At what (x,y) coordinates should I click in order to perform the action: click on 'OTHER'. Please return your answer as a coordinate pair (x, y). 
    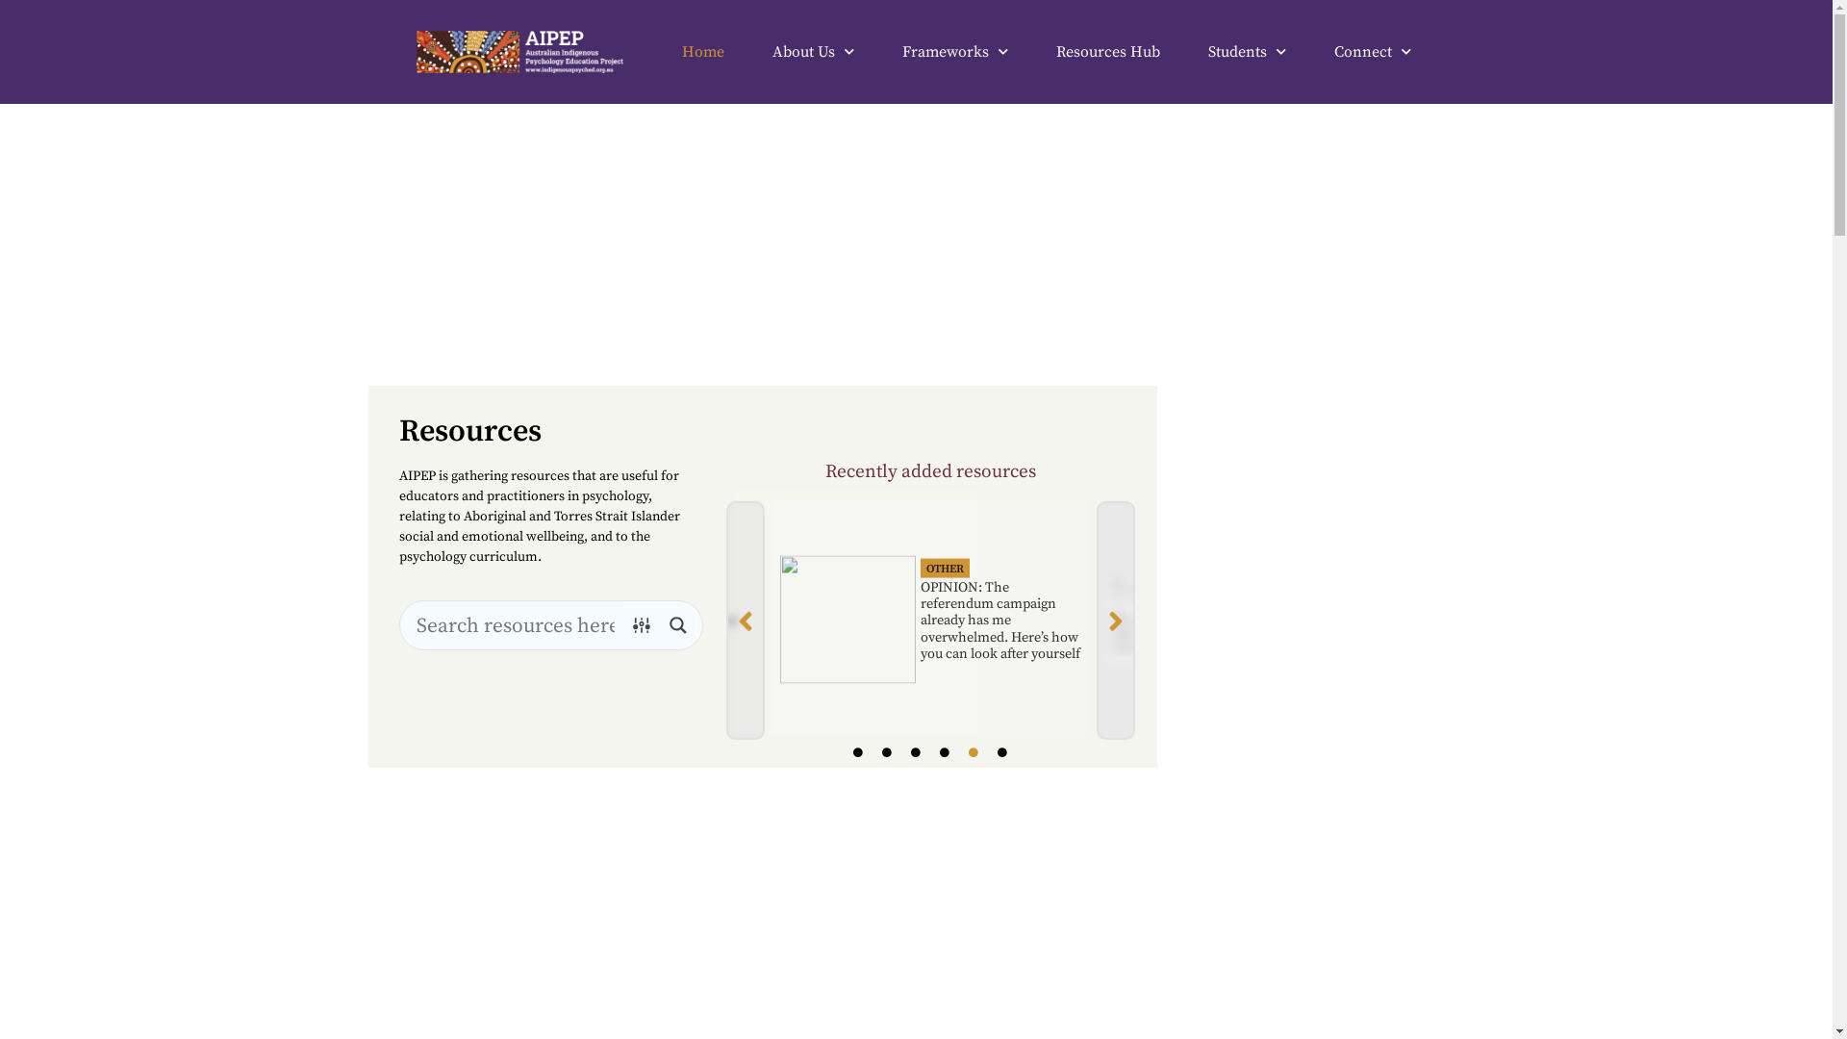
    Looking at the image, I should click on (945, 567).